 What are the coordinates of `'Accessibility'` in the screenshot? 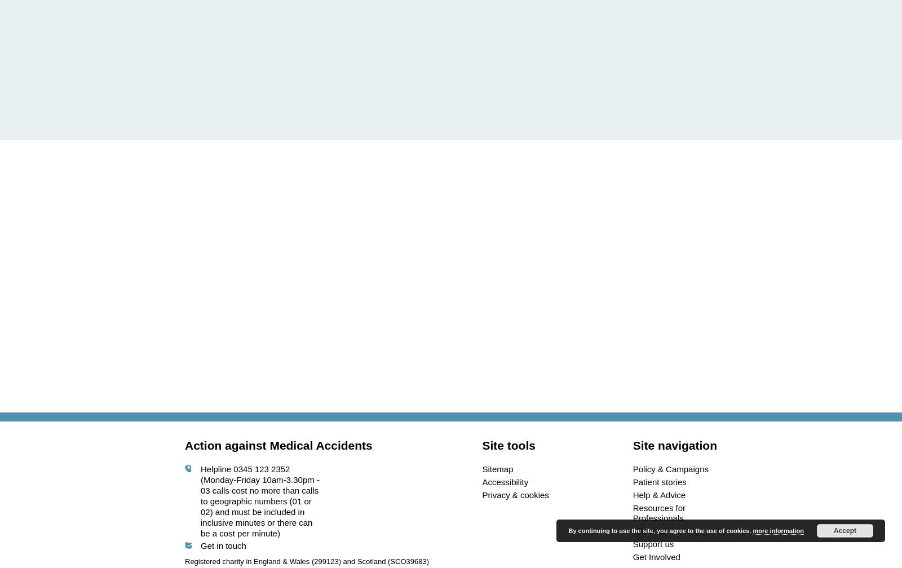 It's located at (505, 481).